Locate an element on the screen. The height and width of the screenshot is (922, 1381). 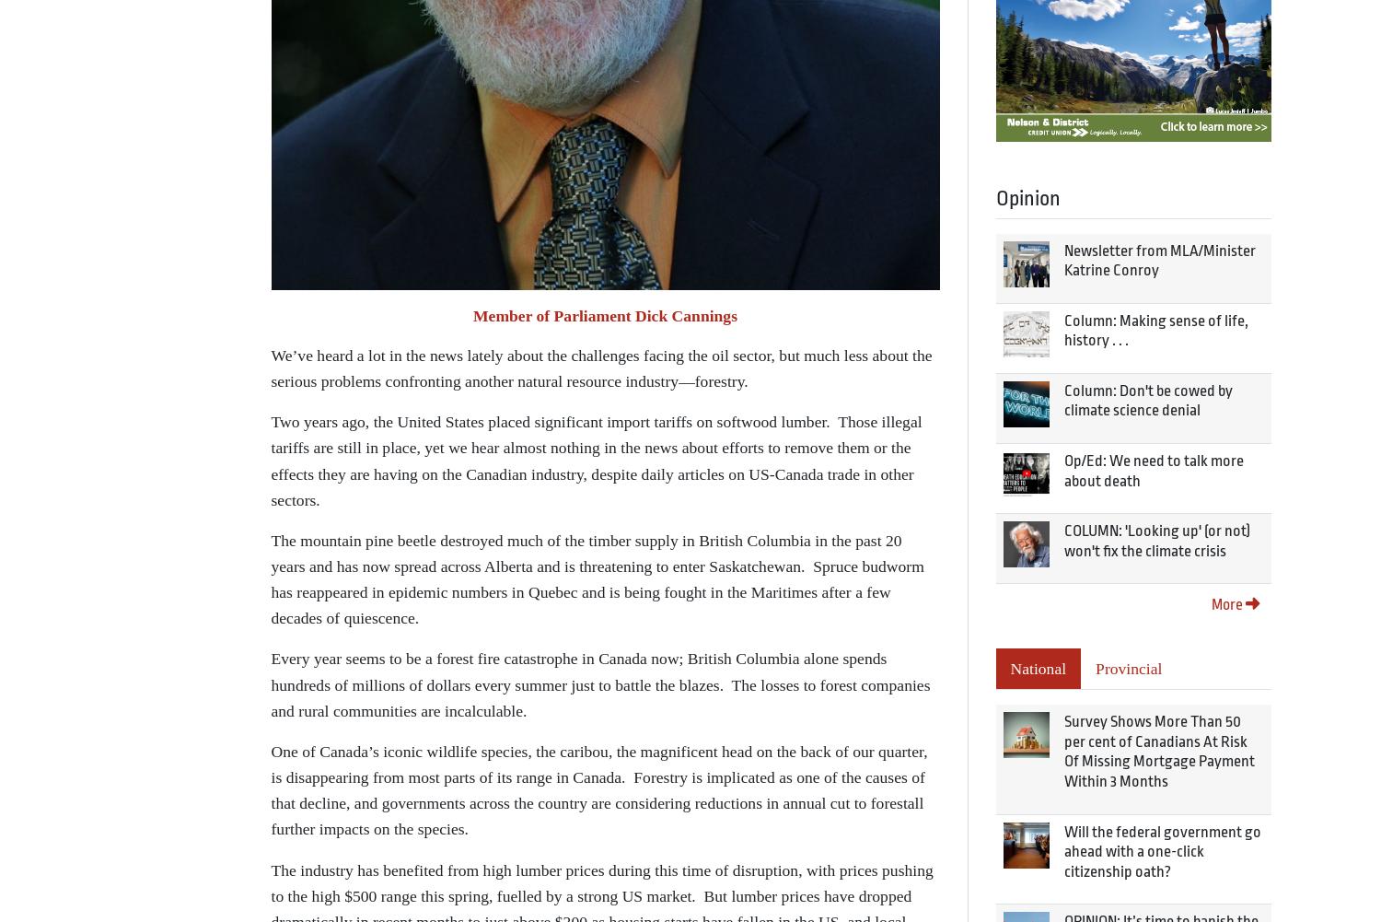
'Creative Commons' is located at coordinates (741, 544).